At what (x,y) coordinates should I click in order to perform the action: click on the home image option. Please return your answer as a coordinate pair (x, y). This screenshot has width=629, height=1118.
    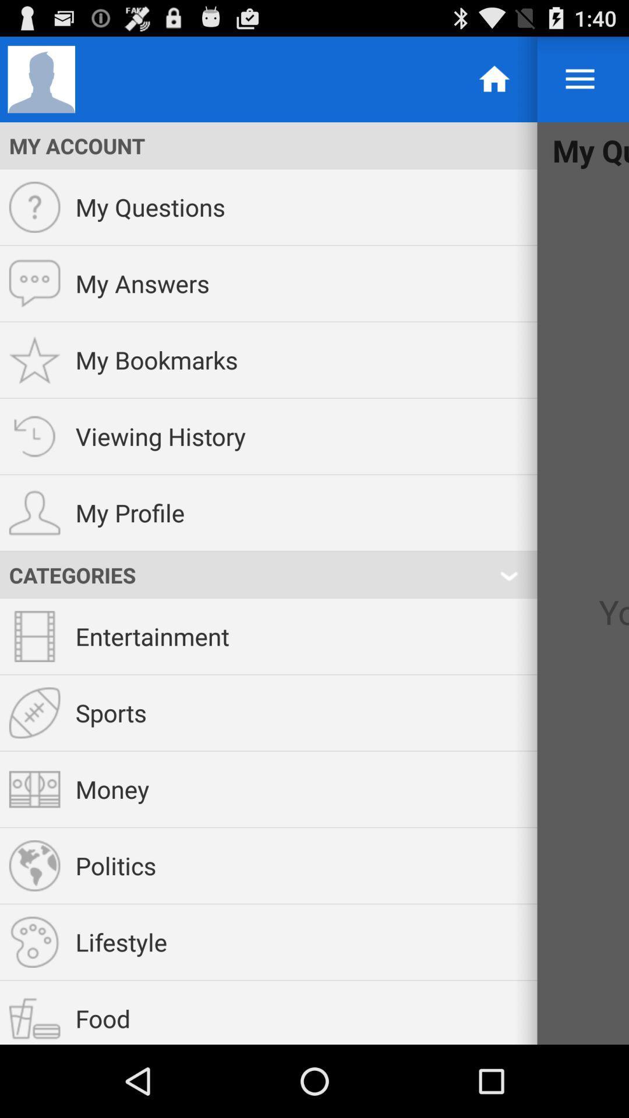
    Looking at the image, I should click on (494, 79).